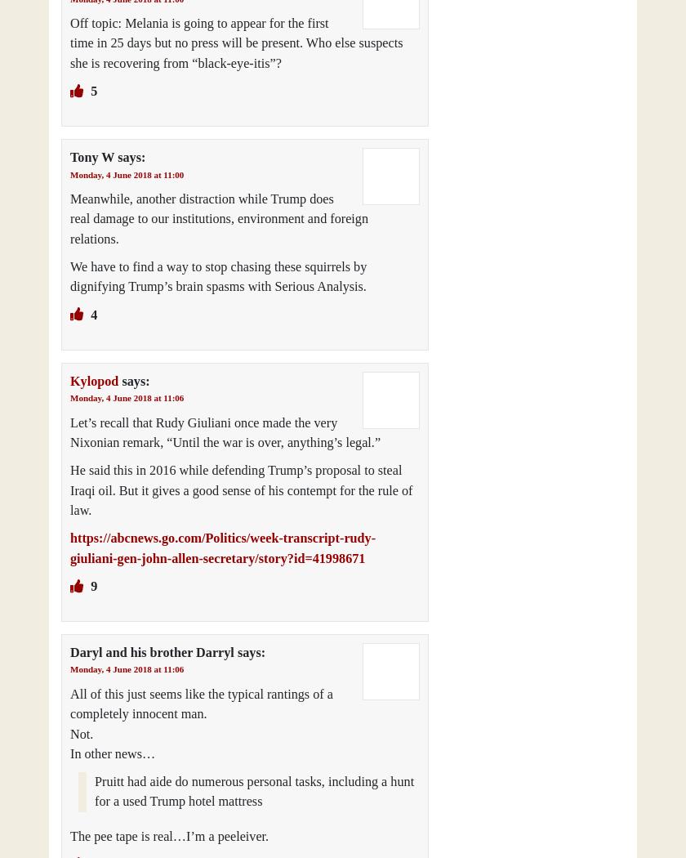 This screenshot has height=858, width=686. Describe the element at coordinates (169, 835) in the screenshot. I see `'The pee tape is real…I’m a peeleiver.'` at that location.